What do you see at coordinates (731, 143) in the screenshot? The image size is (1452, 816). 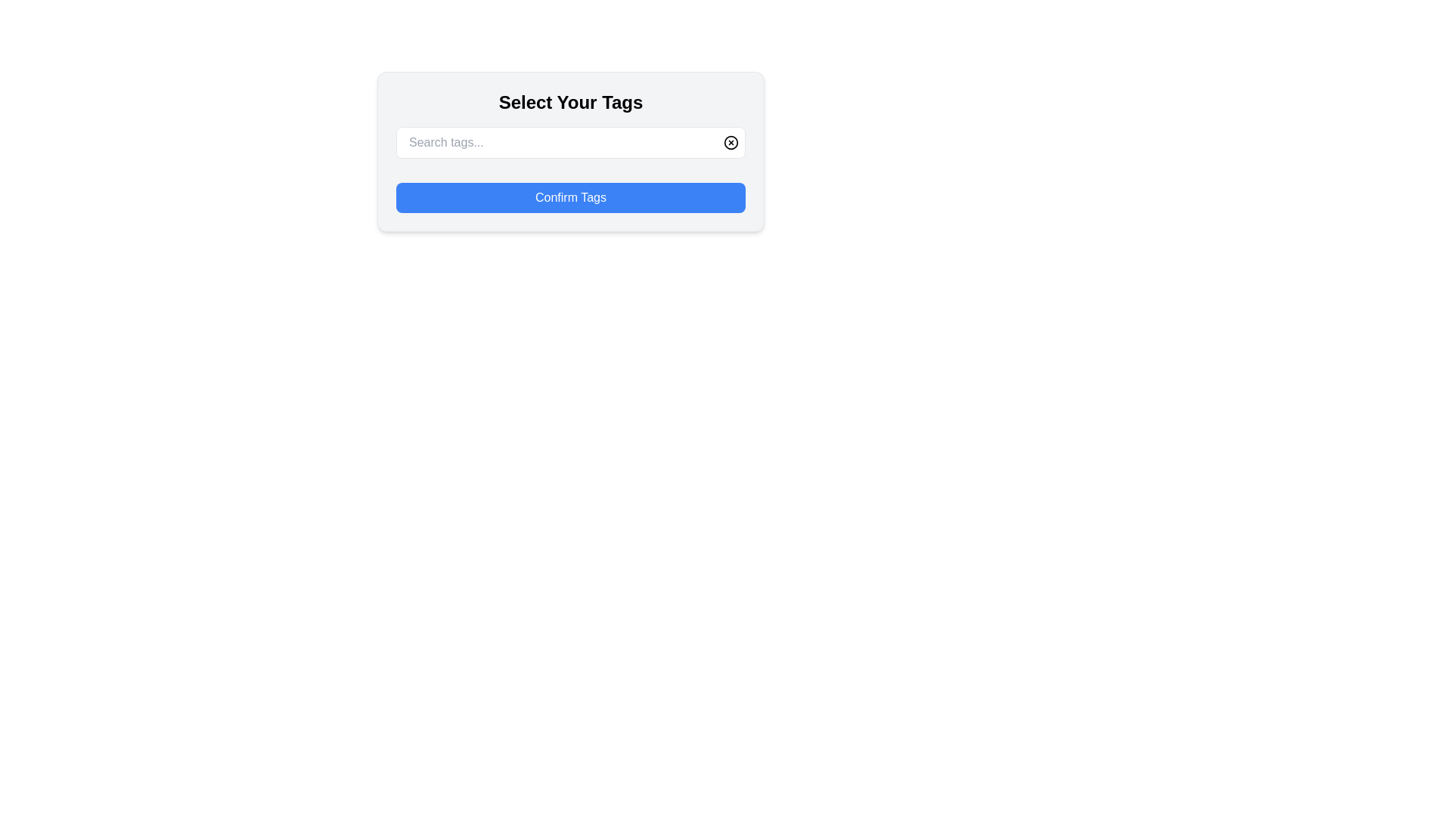 I see `the circular icon button with an 'X' in the center, located to the right of the text input field, to clear the input` at bounding box center [731, 143].